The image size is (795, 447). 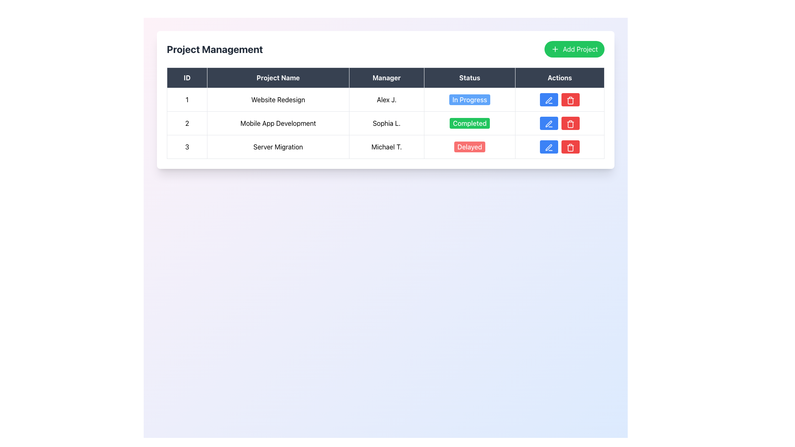 What do you see at coordinates (386, 78) in the screenshot?
I see `the table header labeled 'Manager', which is the third entry in the header row of the data table, displaying bold, capitalized white text against a dark background` at bounding box center [386, 78].